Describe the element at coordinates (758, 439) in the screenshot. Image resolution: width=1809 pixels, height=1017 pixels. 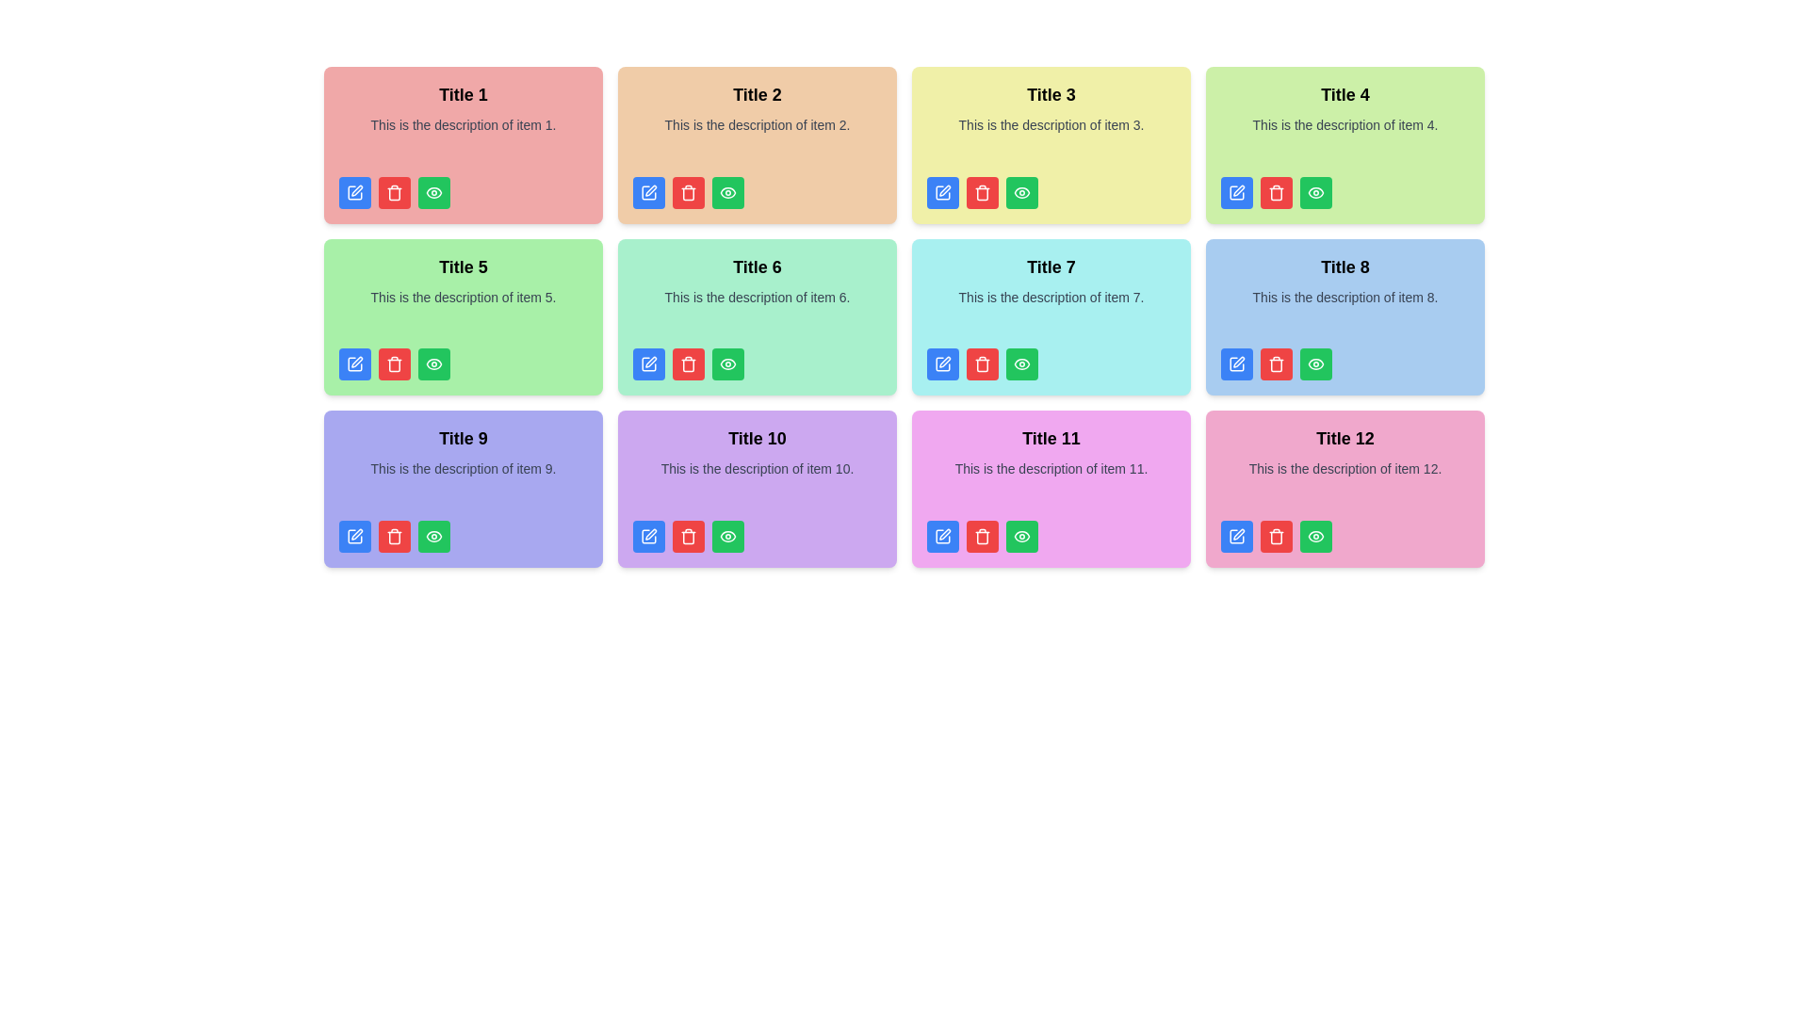
I see `title text of the card located in the fourth column of the second row, which has a purple background and serves as a heading for its content` at that location.